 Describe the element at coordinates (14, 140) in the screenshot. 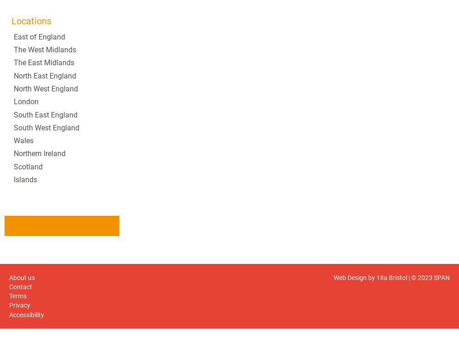

I see `'Wales'` at that location.